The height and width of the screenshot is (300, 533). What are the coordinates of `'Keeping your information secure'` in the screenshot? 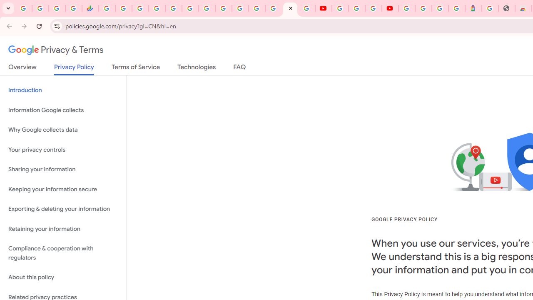 It's located at (63, 189).